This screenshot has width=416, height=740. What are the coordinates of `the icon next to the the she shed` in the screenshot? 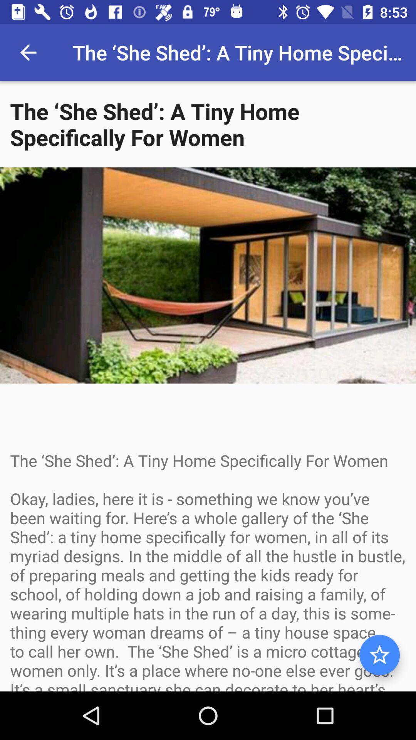 It's located at (28, 52).